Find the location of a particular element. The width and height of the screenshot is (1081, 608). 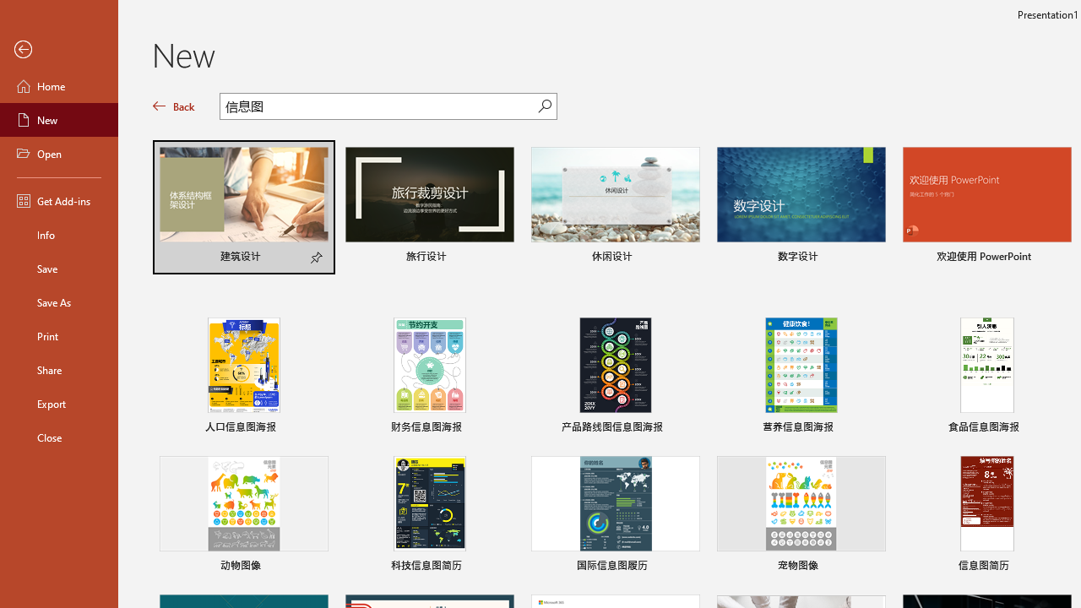

'Search for online templates and themes' is located at coordinates (378, 108).